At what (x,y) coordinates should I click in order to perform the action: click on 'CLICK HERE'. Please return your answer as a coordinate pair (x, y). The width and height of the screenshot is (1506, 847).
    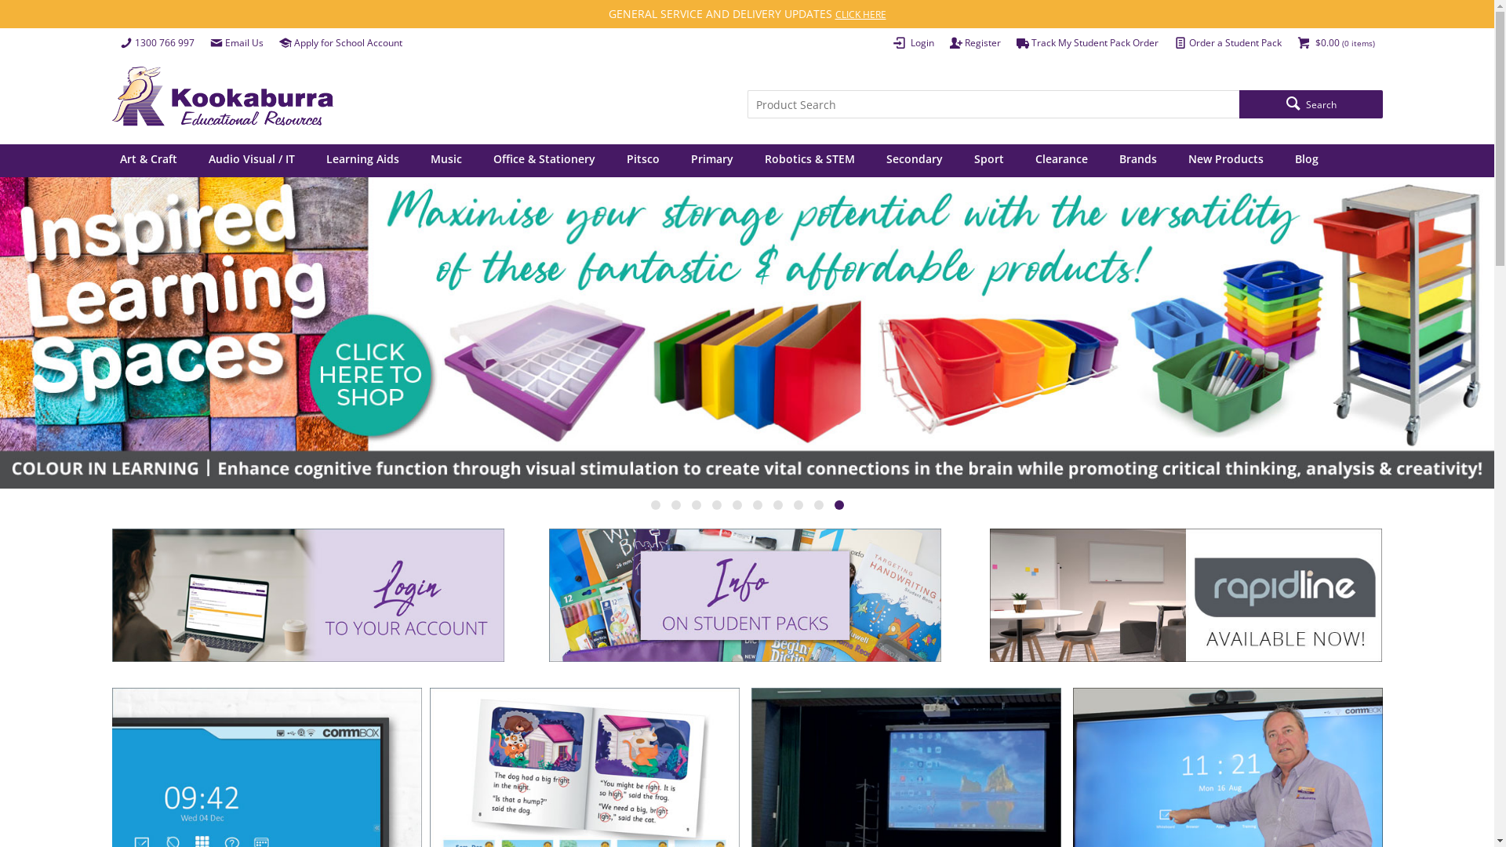
    Looking at the image, I should click on (859, 14).